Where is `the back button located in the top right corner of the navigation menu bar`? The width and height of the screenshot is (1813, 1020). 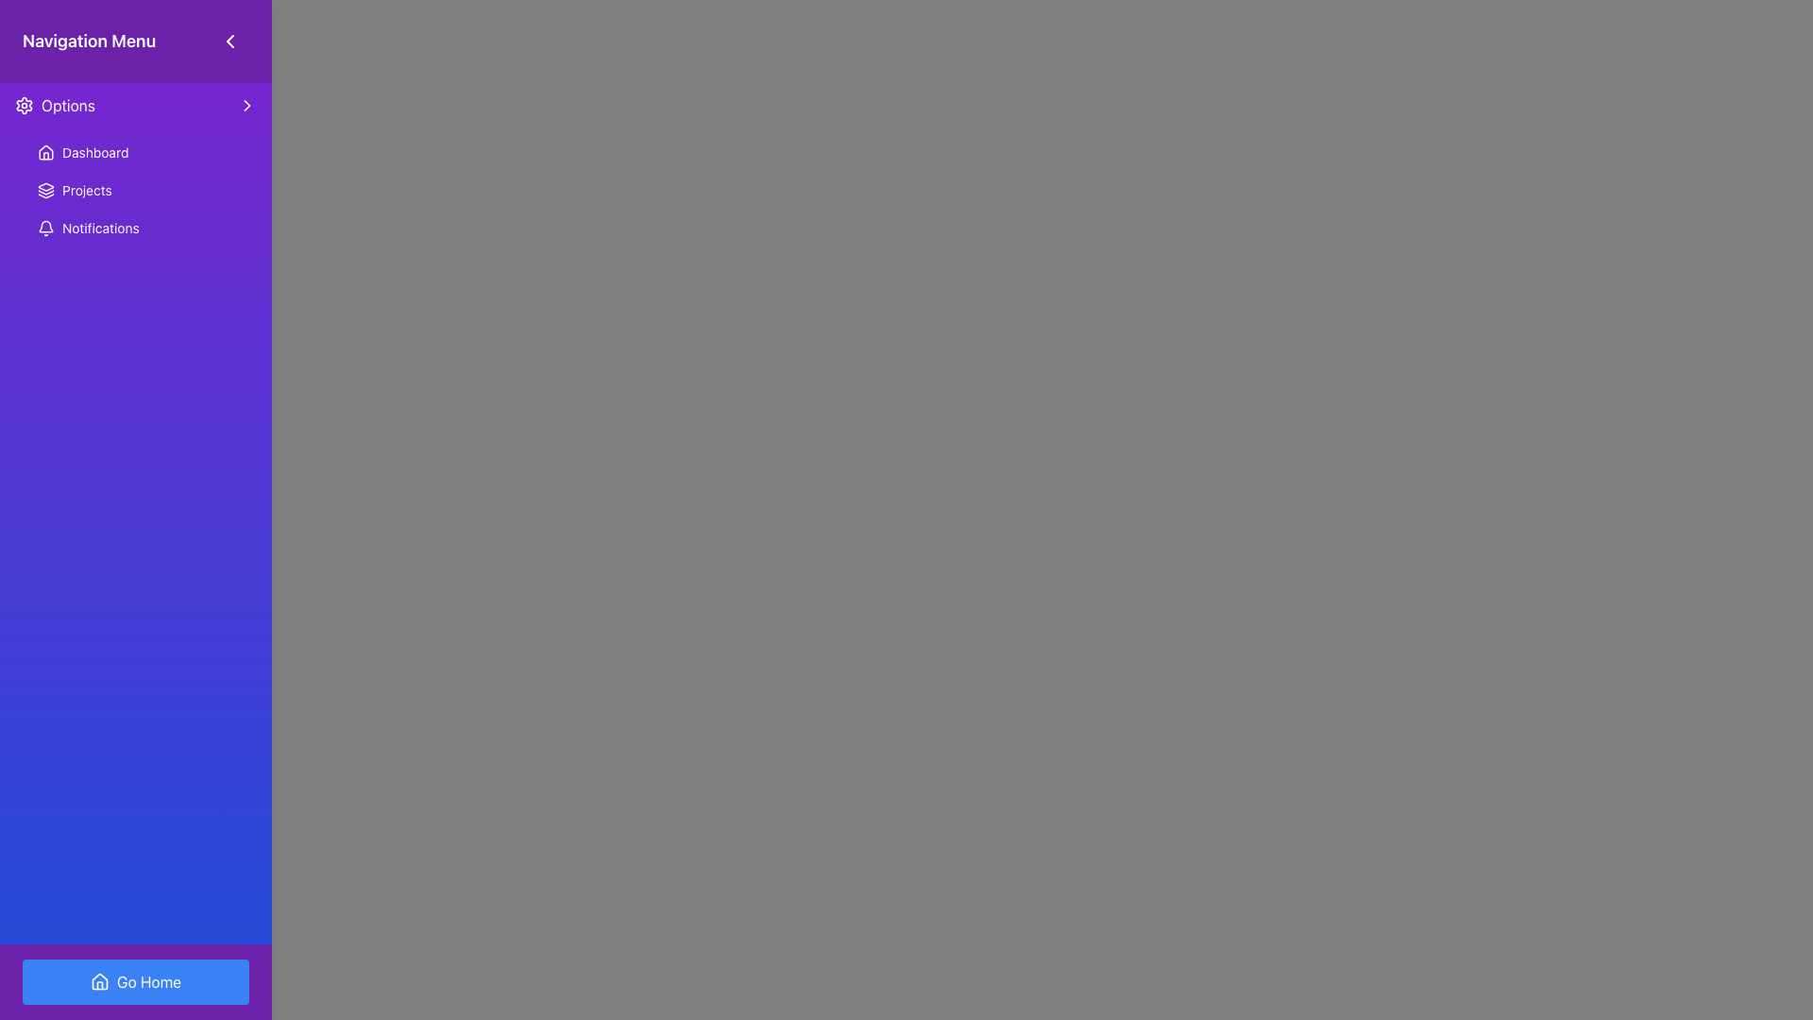 the back button located in the top right corner of the navigation menu bar is located at coordinates (229, 41).